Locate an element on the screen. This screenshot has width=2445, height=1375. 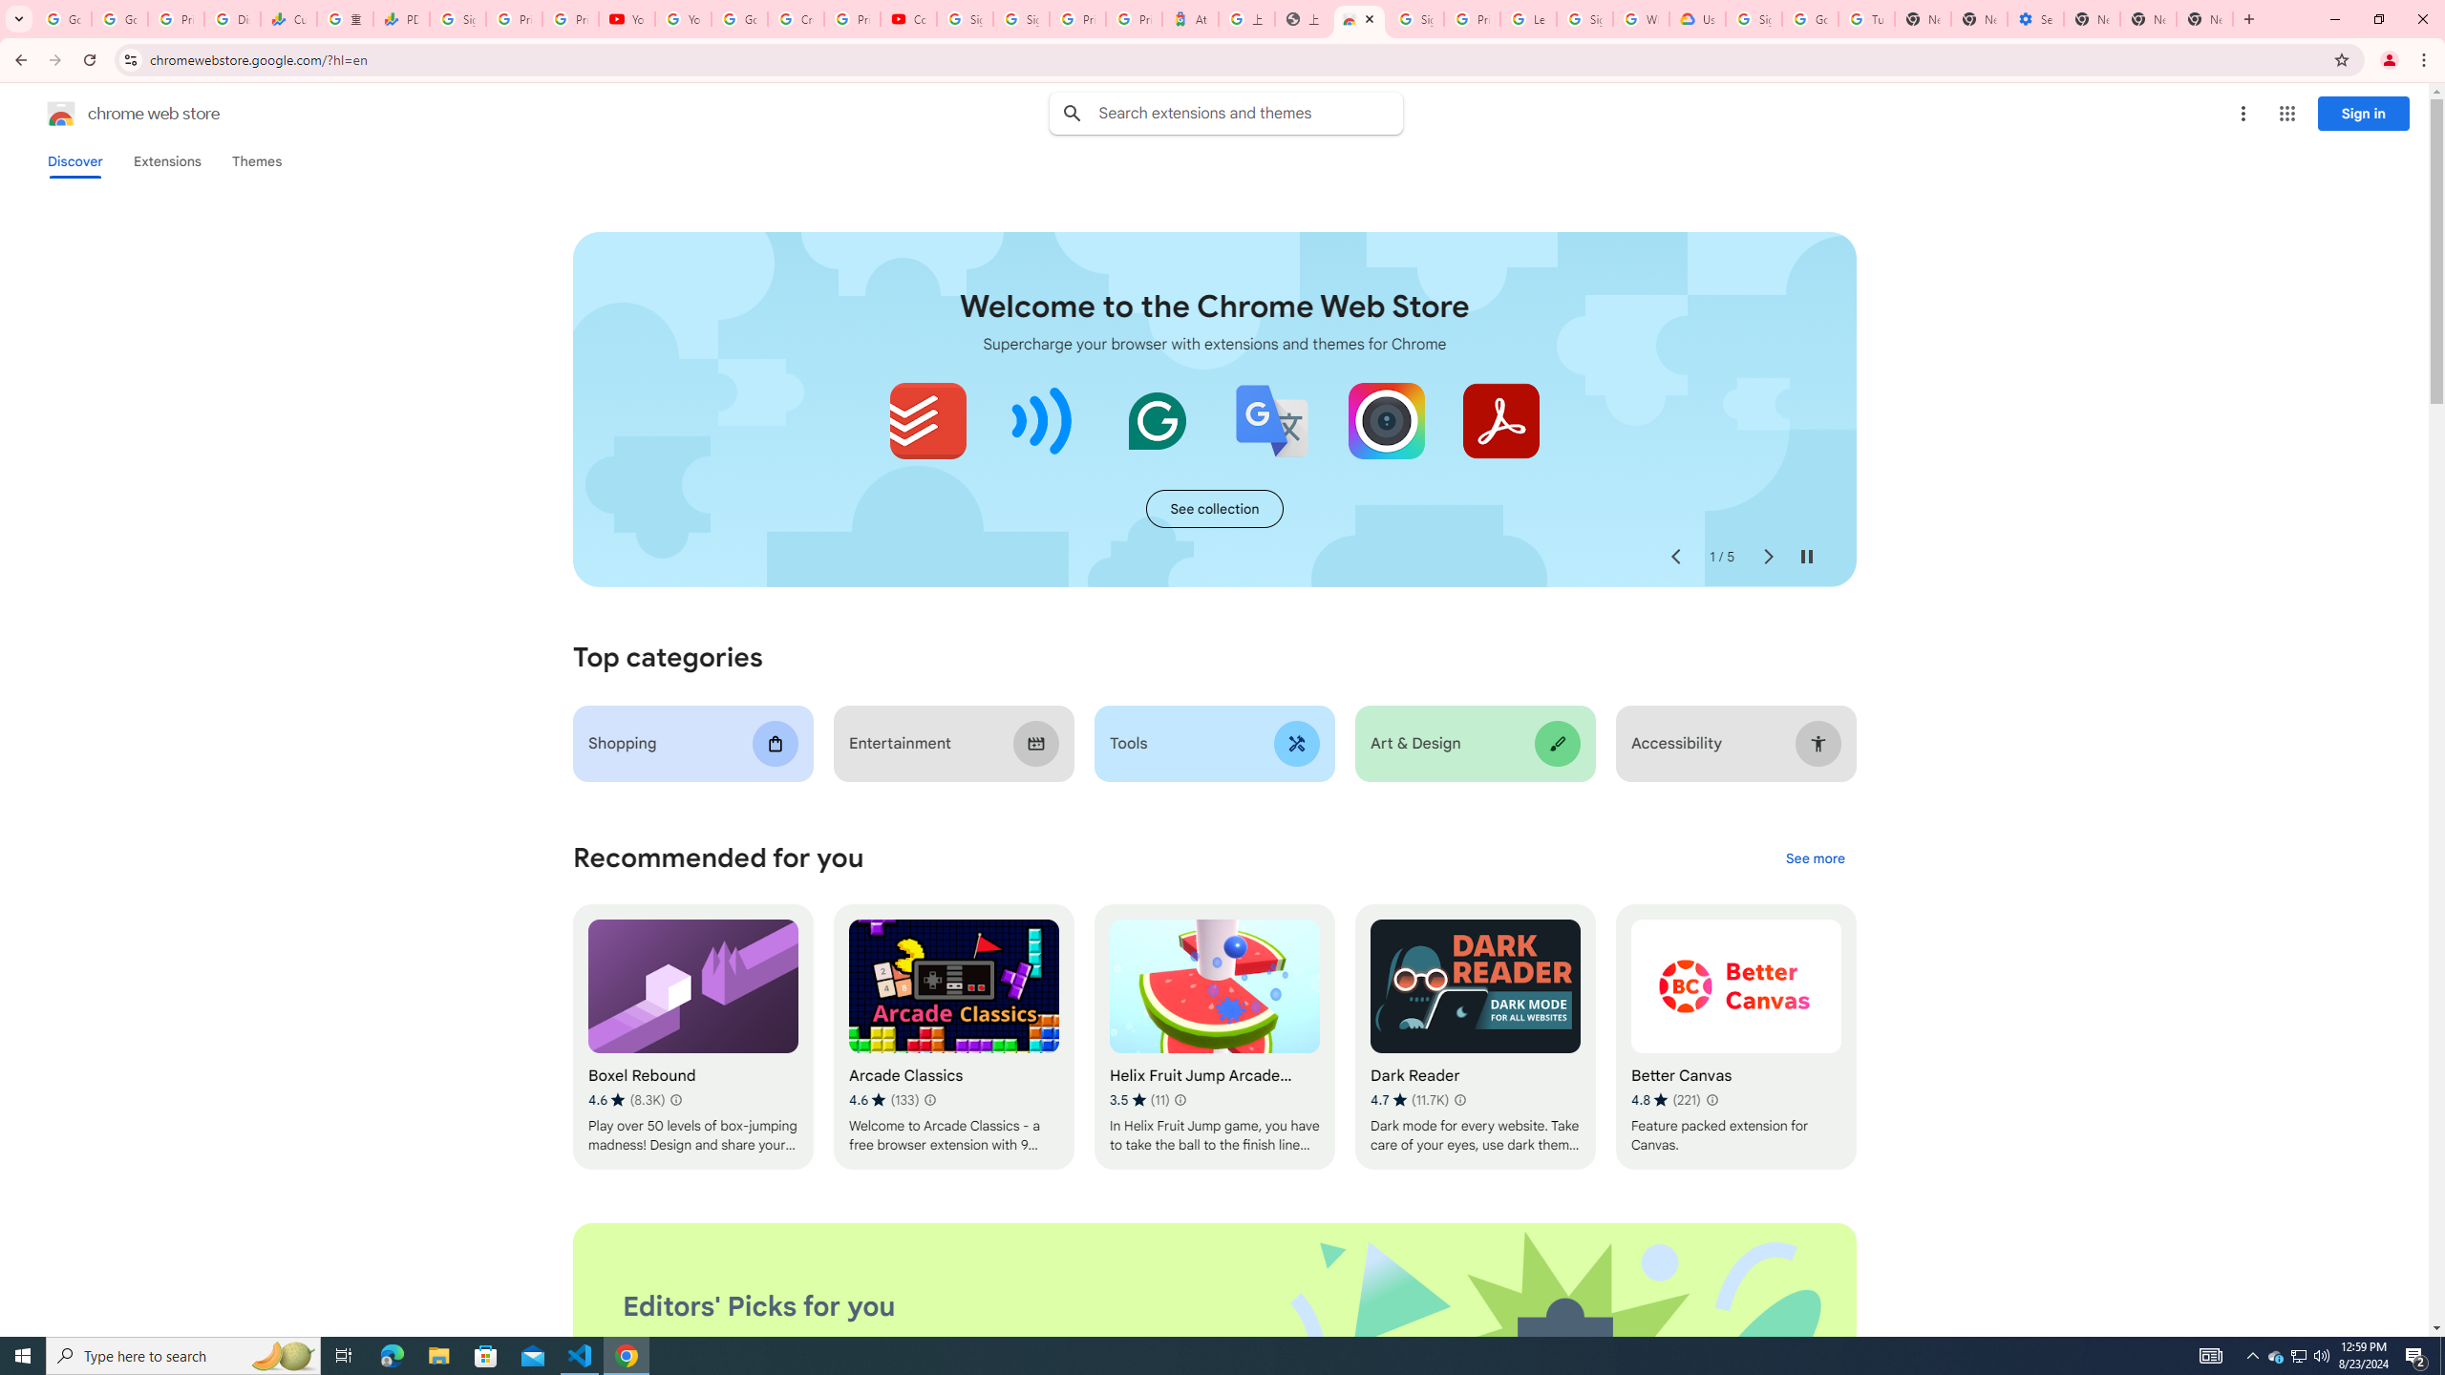
'Atour Hotel - Google hotels' is located at coordinates (1190, 18).